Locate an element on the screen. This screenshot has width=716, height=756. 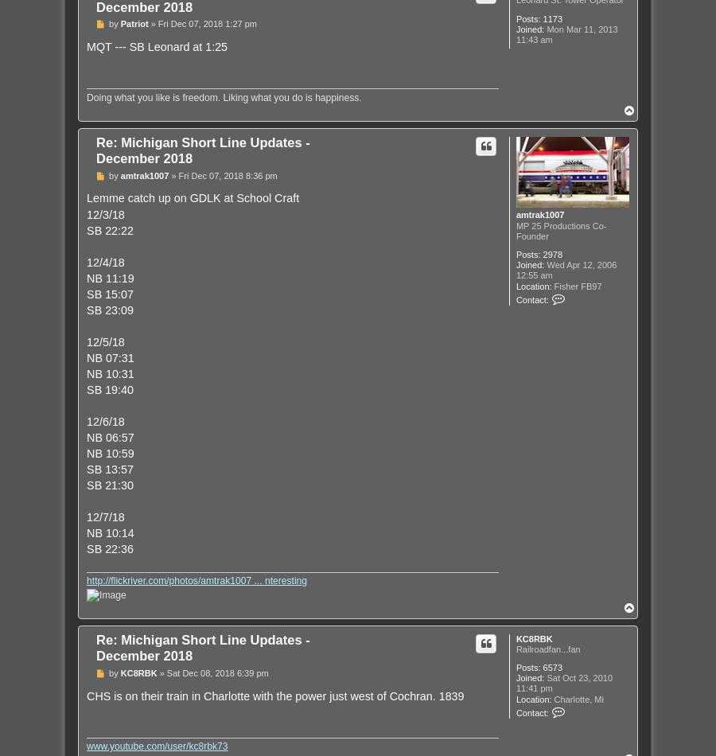
'SB 22:22' is located at coordinates (109, 228).